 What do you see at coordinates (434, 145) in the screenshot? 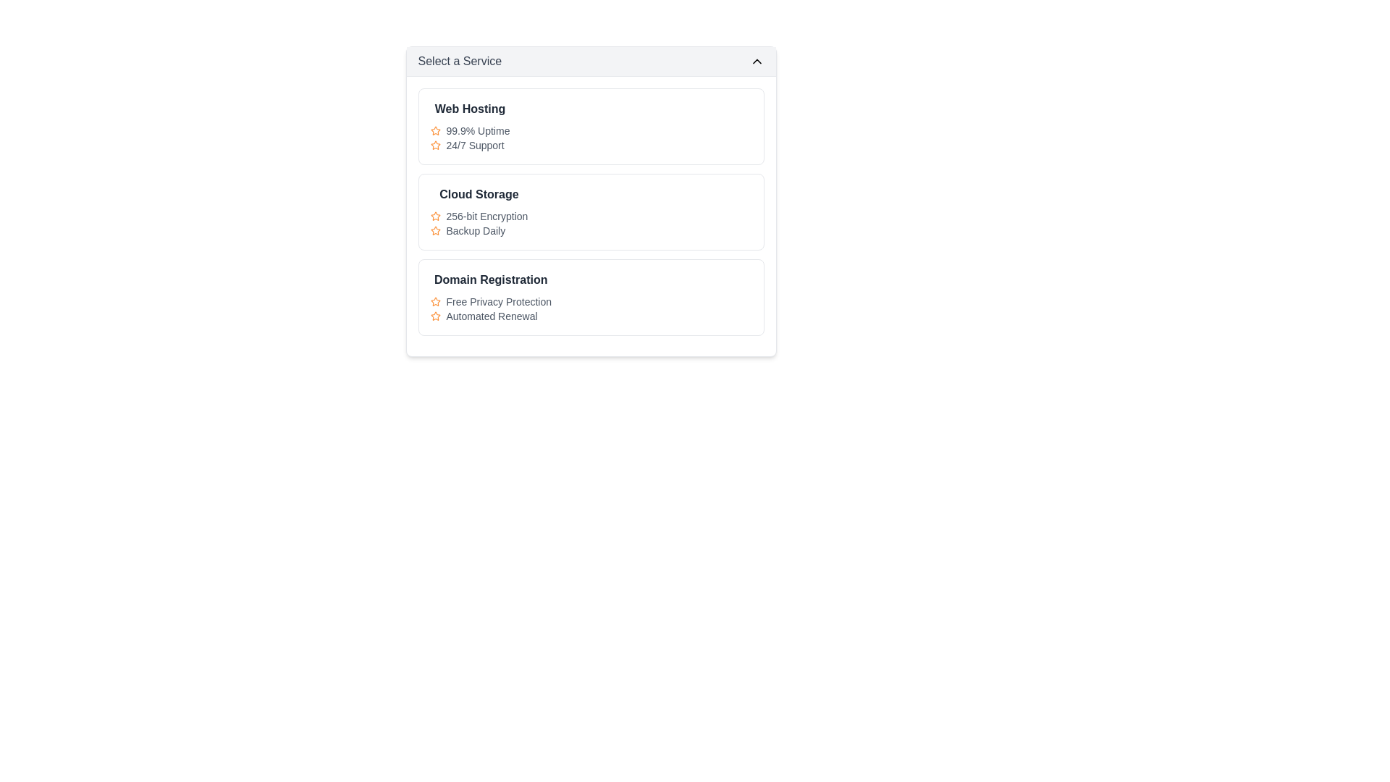
I see `the star icon located to the left of the 'Web Hosting' service type in the 'Select a Service' dropdown` at bounding box center [434, 145].